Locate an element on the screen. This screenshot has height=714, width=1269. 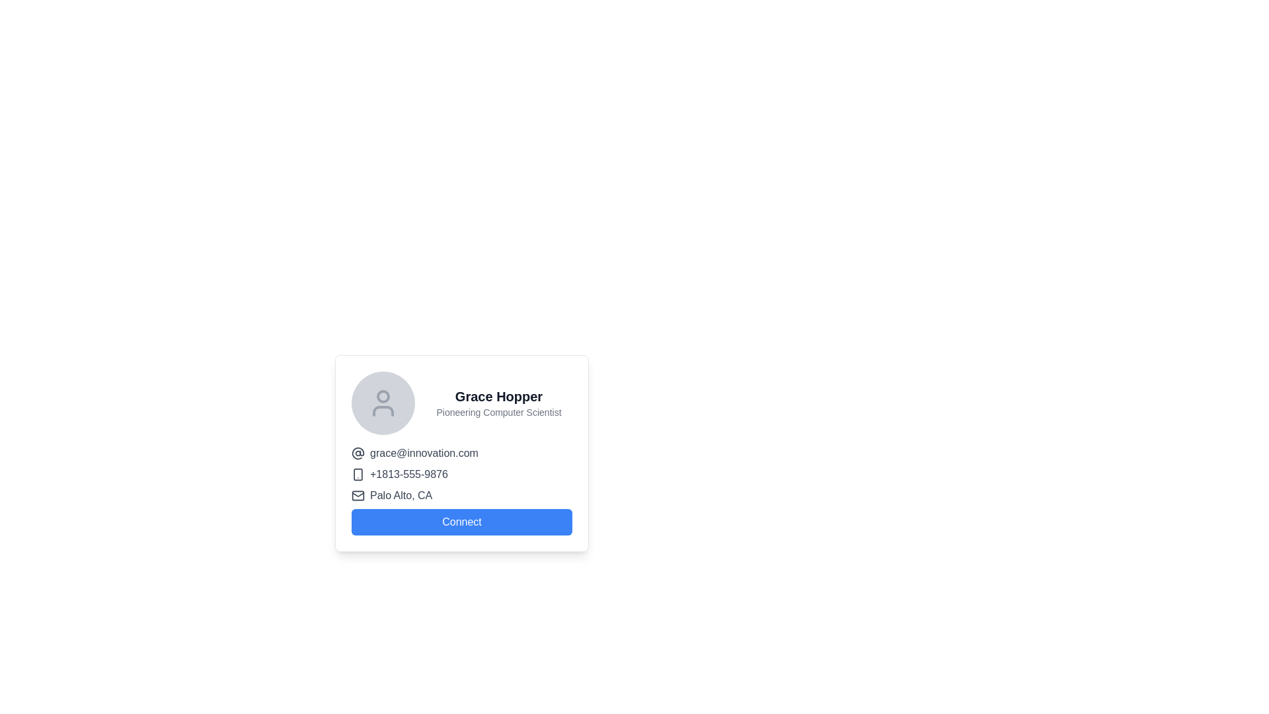
the text label displaying 'Grace Hopper', which serves as the title for the associated profile or information card, located in the upper right section of the card is located at coordinates (498, 396).